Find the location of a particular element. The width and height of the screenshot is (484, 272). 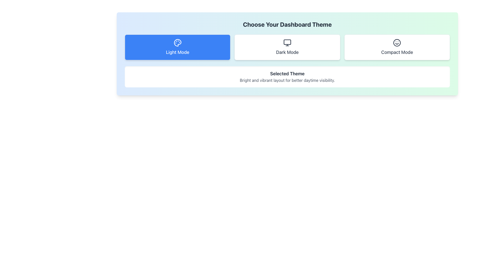

the paint palette icon, which is styled with a stroke-based outline and small circles for paint spots, located at the top center of the blue 'Light Mode' button card is located at coordinates (177, 42).